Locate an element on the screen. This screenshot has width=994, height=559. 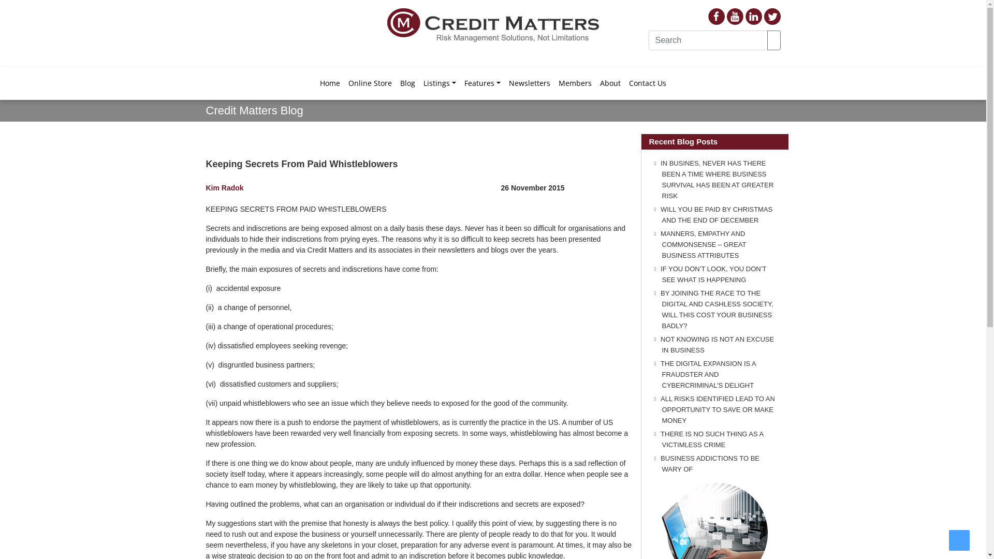
'Online Store' is located at coordinates (370, 82).